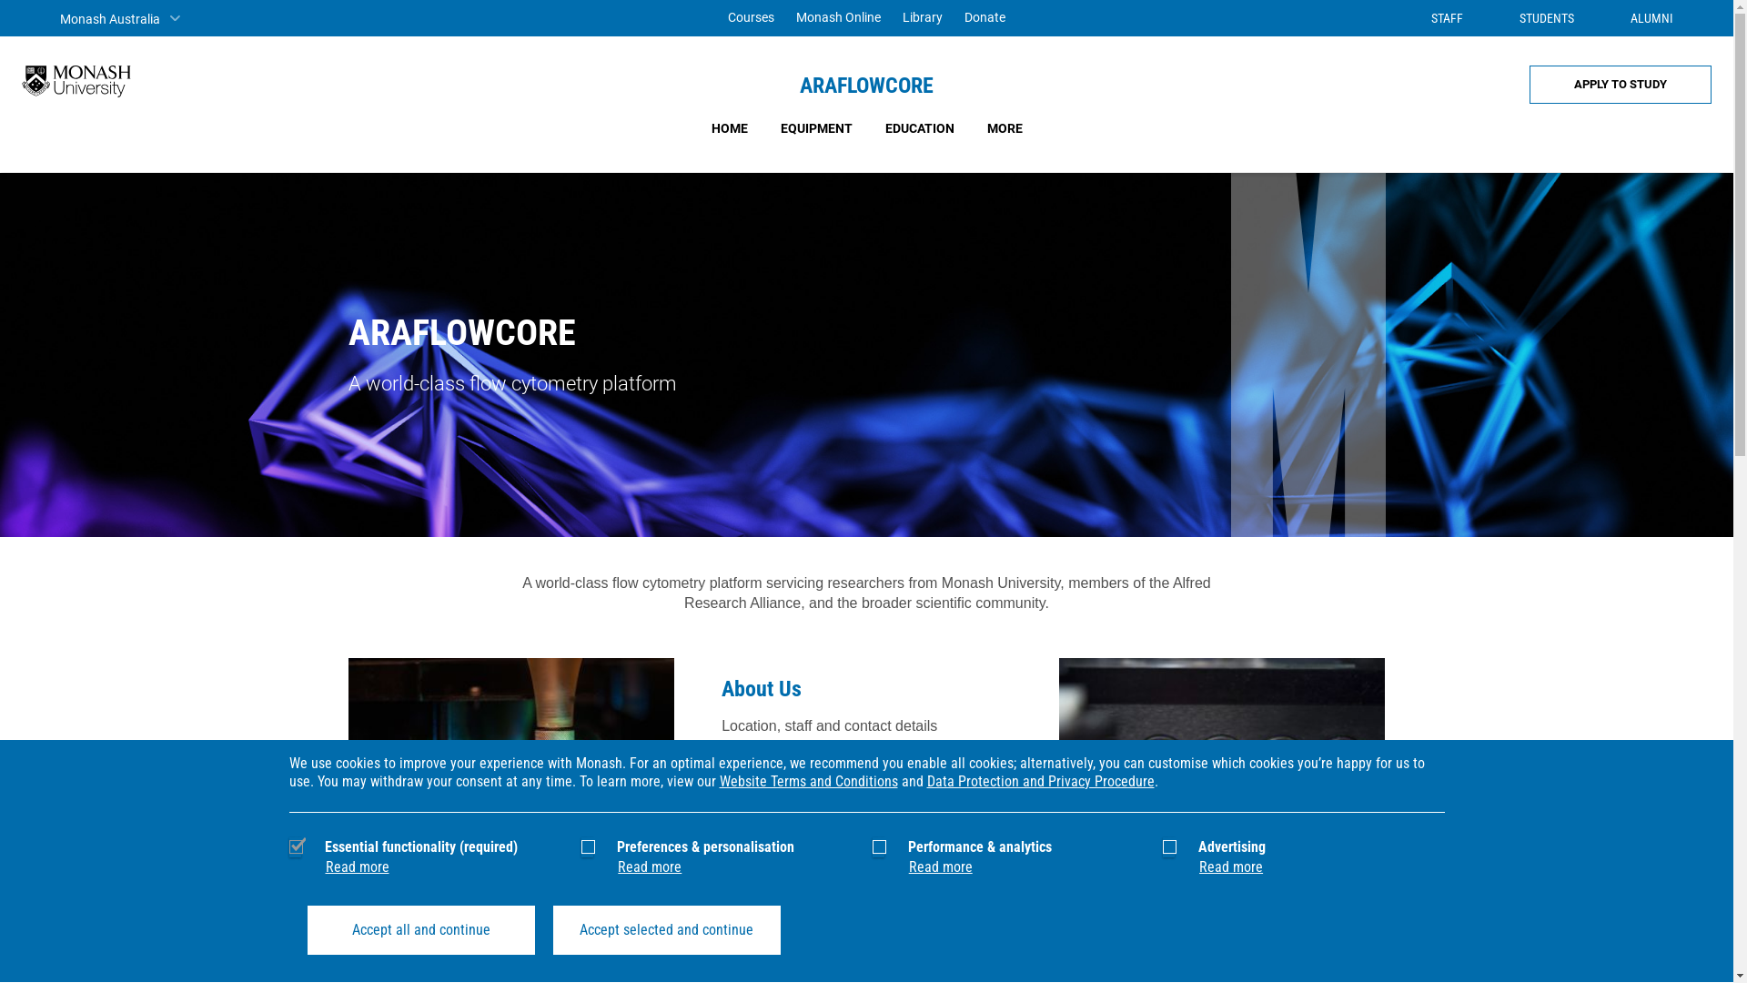  What do you see at coordinates (552, 930) in the screenshot?
I see `'Accept selected and continue'` at bounding box center [552, 930].